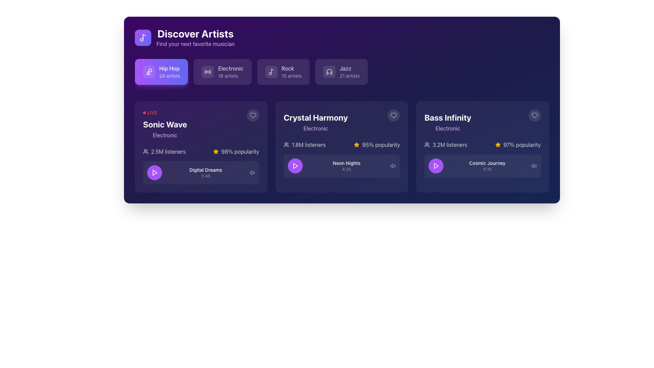  What do you see at coordinates (448, 120) in the screenshot?
I see `the text label displaying the title and genre for an artist or album, located at the top of the third card on the far-right side of the interface` at bounding box center [448, 120].